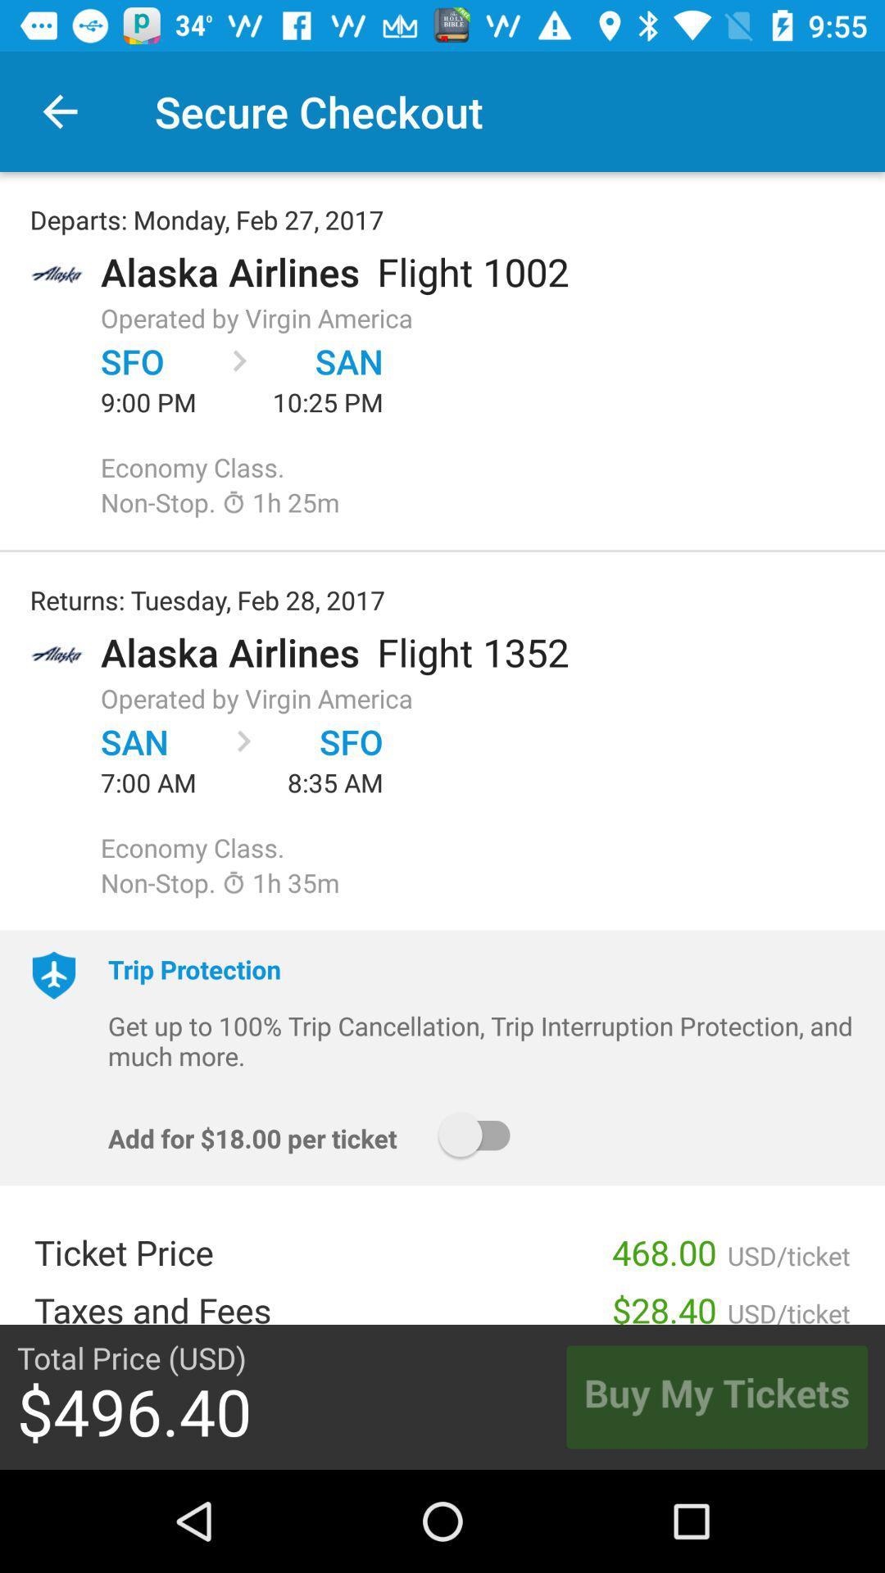 This screenshot has height=1573, width=885. I want to click on icon next to the $496.40, so click(716, 1396).